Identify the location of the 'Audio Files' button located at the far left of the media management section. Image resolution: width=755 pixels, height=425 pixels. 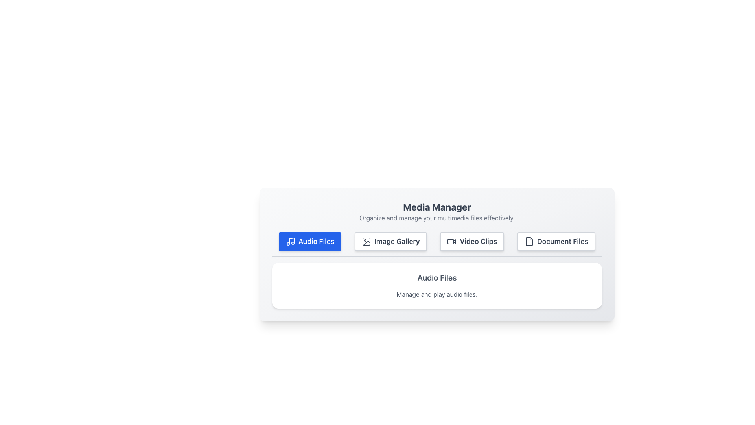
(309, 241).